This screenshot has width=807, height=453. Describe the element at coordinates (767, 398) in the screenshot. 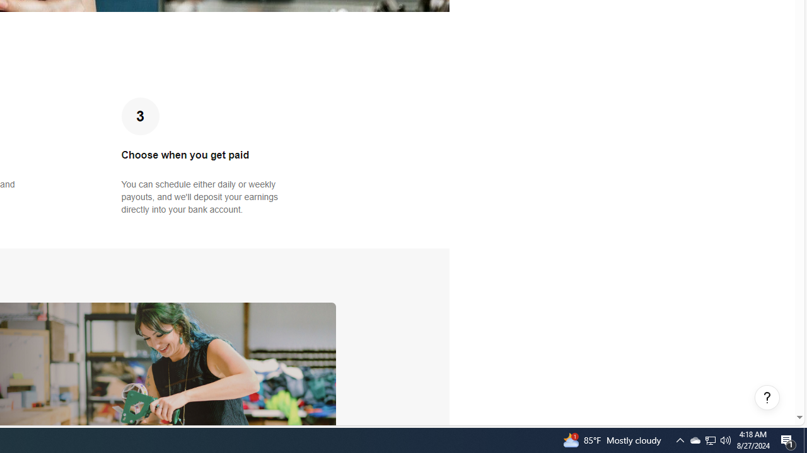

I see `'Help, opens dialogs'` at that location.